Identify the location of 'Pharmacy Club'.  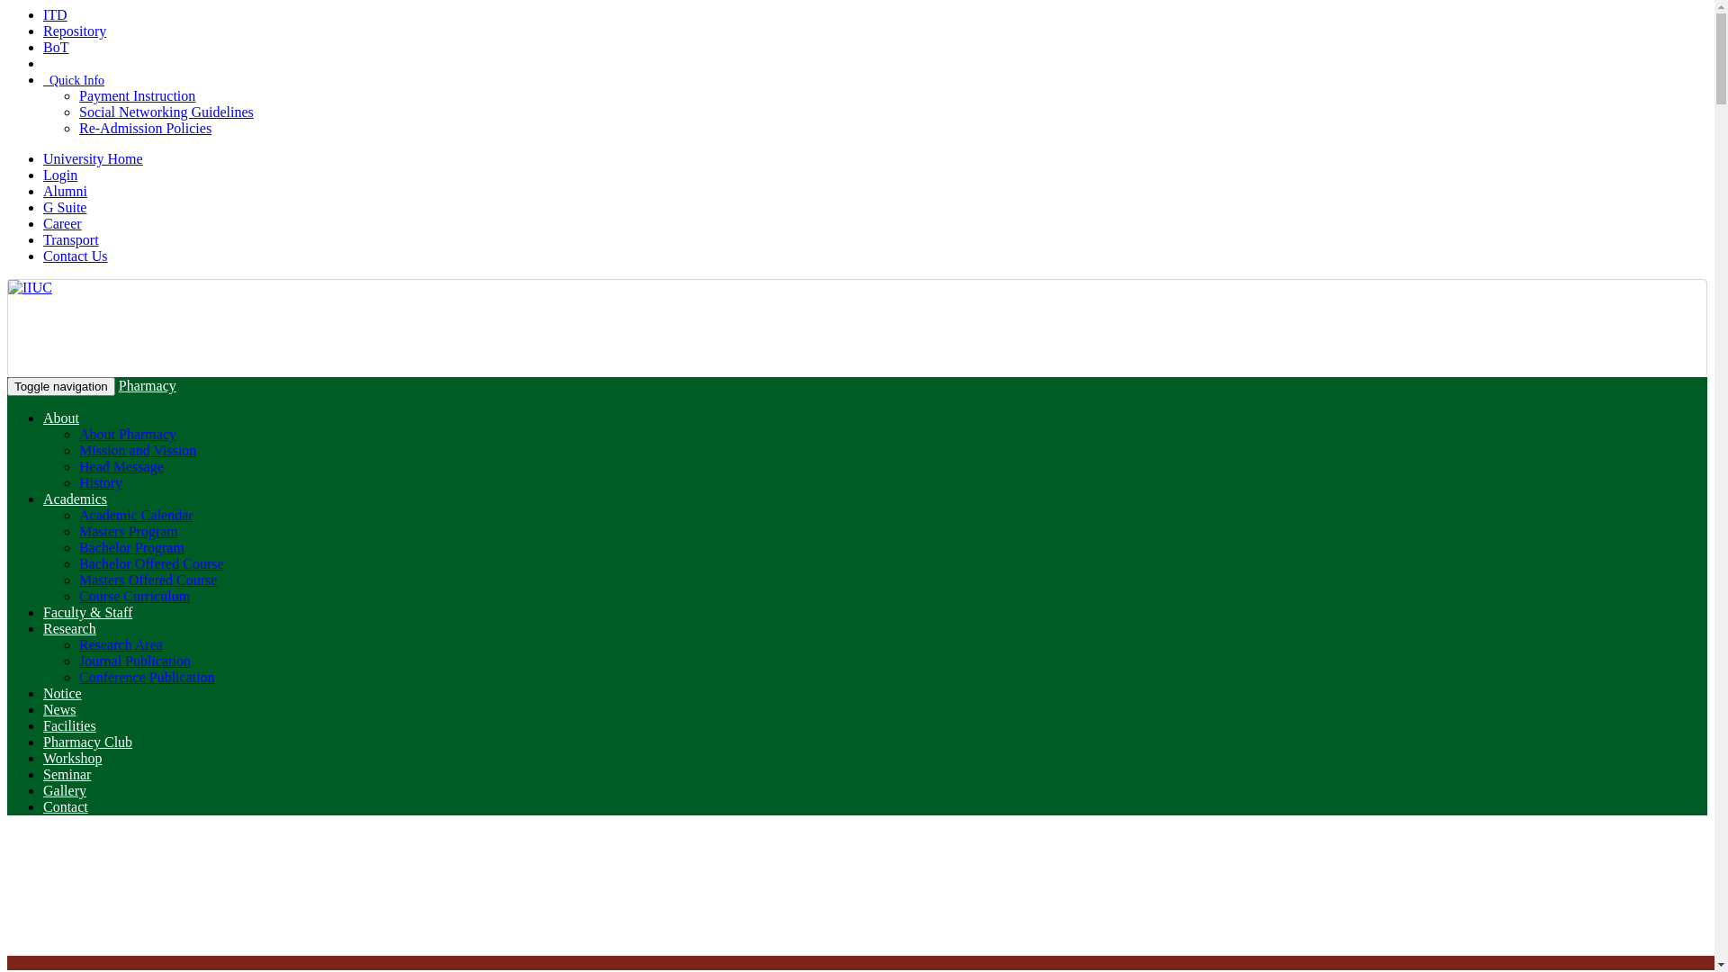
(86, 742).